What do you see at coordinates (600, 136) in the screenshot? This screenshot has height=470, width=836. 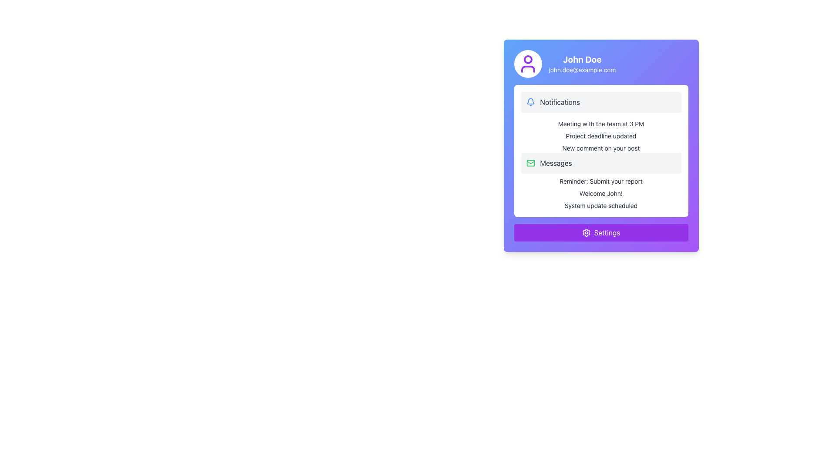 I see `the static text label displaying 'Project deadline updated' located under the 'Notifications' section in the notification card` at bounding box center [600, 136].